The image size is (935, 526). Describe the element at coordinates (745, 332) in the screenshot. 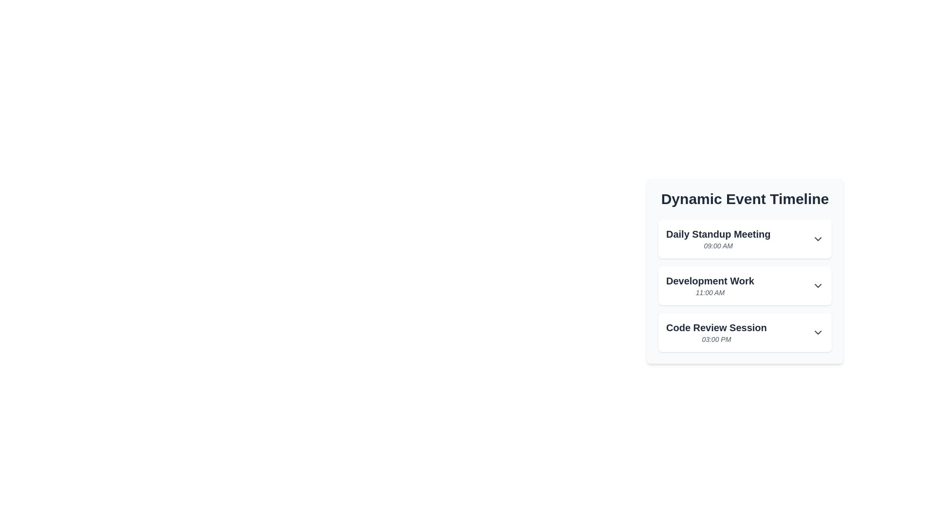

I see `the dropdown arrow on the third item in the 'Dynamic Event Timeline' list` at that location.